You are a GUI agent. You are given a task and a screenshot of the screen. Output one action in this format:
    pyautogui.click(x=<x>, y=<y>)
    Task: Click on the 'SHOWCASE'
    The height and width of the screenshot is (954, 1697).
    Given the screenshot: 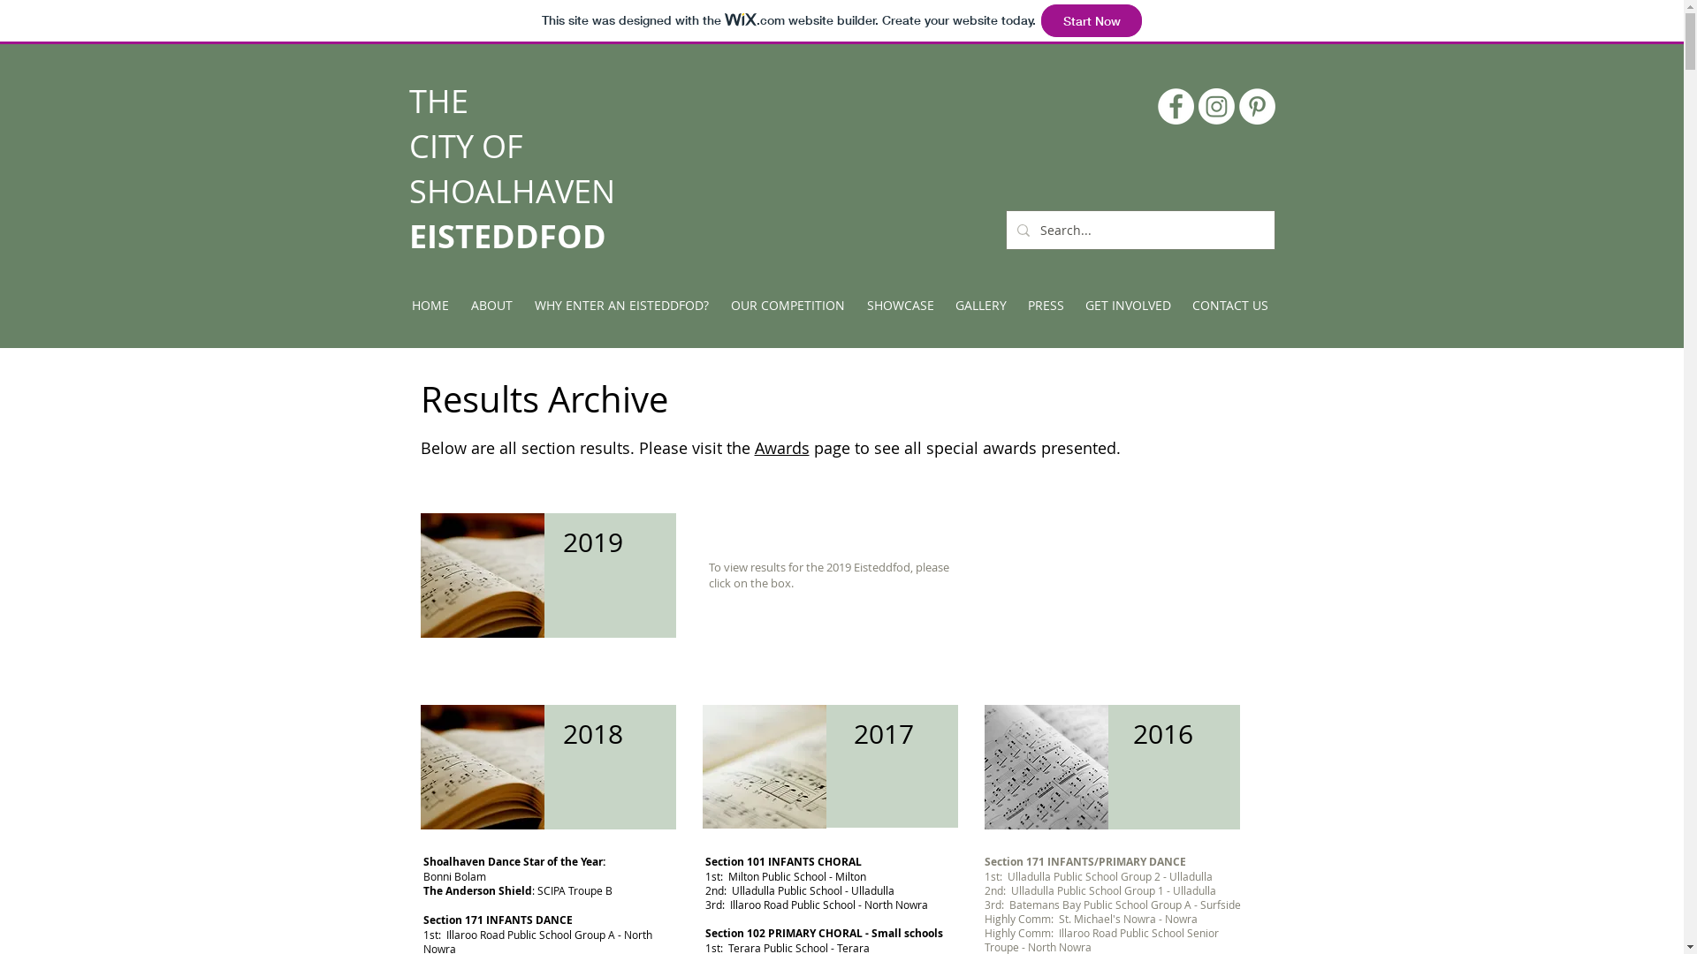 What is the action you would take?
    pyautogui.click(x=901, y=305)
    